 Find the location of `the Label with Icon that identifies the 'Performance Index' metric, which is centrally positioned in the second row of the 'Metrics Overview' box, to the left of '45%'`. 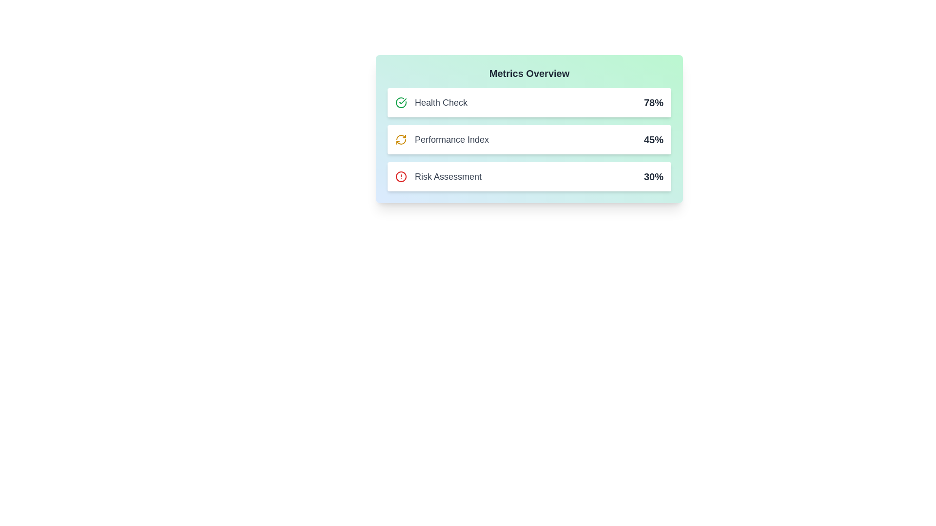

the Label with Icon that identifies the 'Performance Index' metric, which is centrally positioned in the second row of the 'Metrics Overview' box, to the left of '45%' is located at coordinates (442, 139).